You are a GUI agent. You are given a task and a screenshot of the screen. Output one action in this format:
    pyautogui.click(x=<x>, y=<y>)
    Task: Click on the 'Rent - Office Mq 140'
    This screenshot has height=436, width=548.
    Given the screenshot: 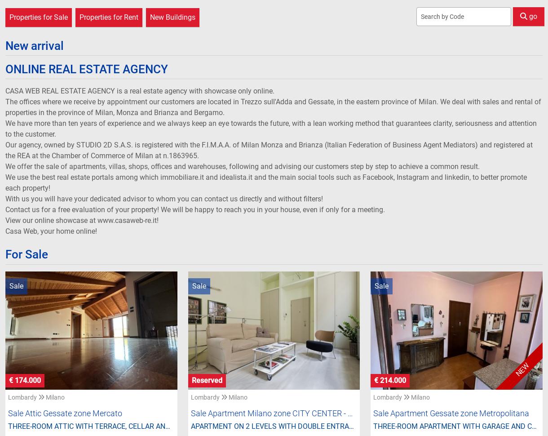 What is the action you would take?
    pyautogui.click(x=151, y=330)
    